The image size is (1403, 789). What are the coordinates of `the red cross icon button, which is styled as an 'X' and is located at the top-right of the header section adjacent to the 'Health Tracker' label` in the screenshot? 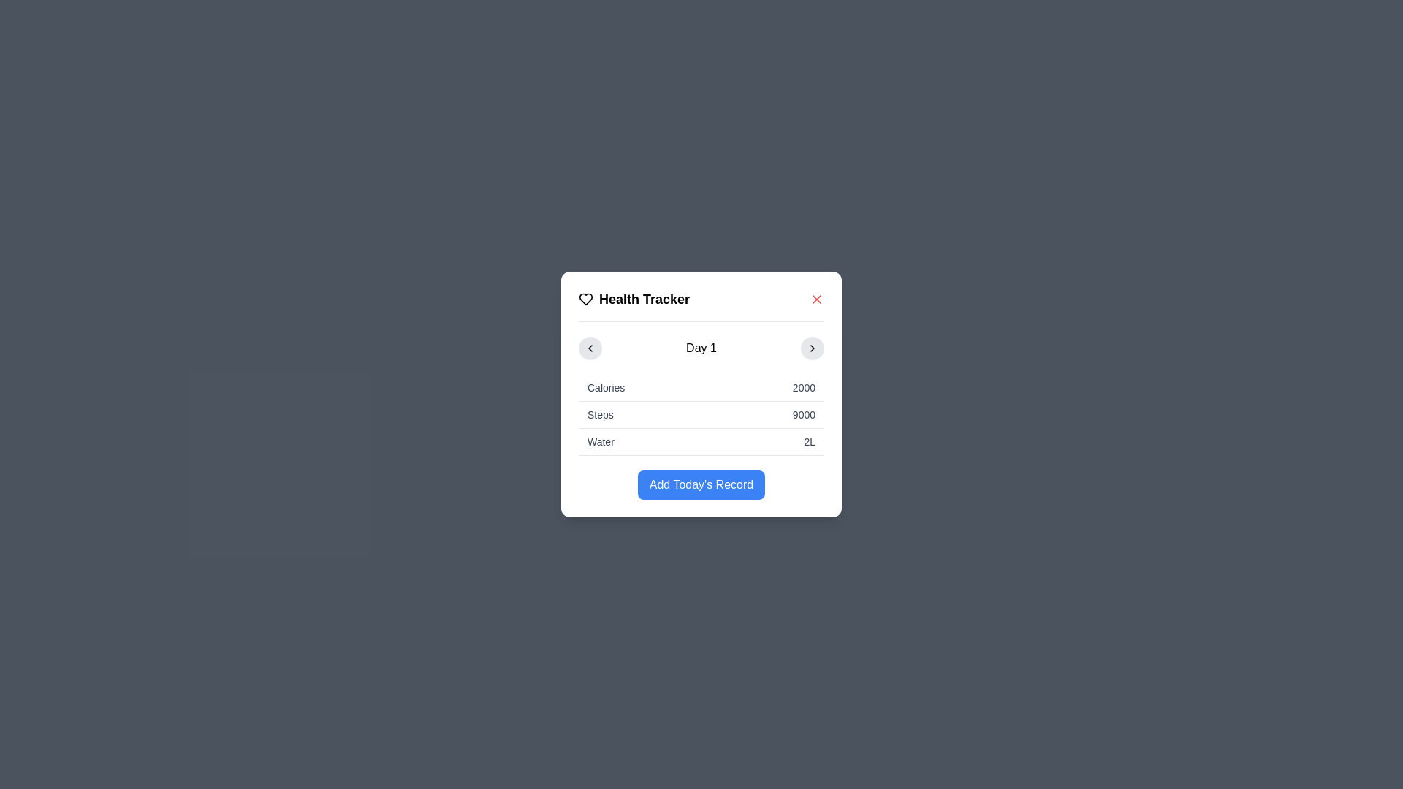 It's located at (816, 298).